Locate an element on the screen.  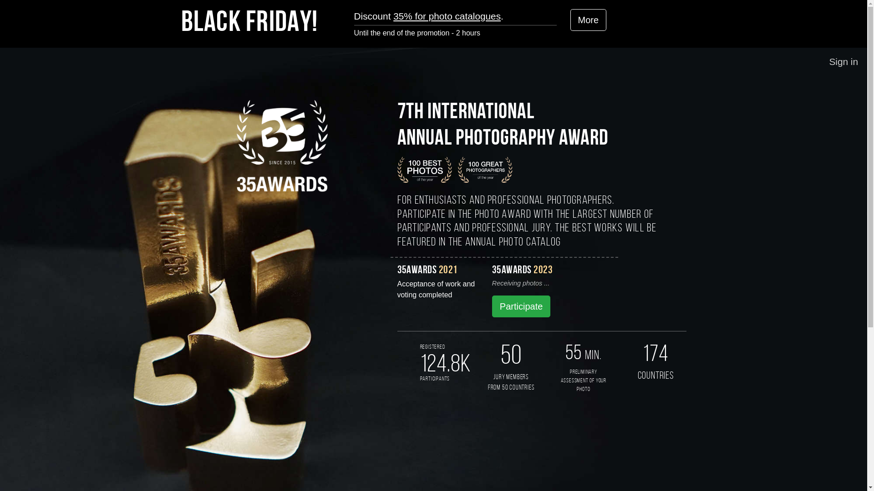
'35% for photo catalogues' is located at coordinates (447, 16).